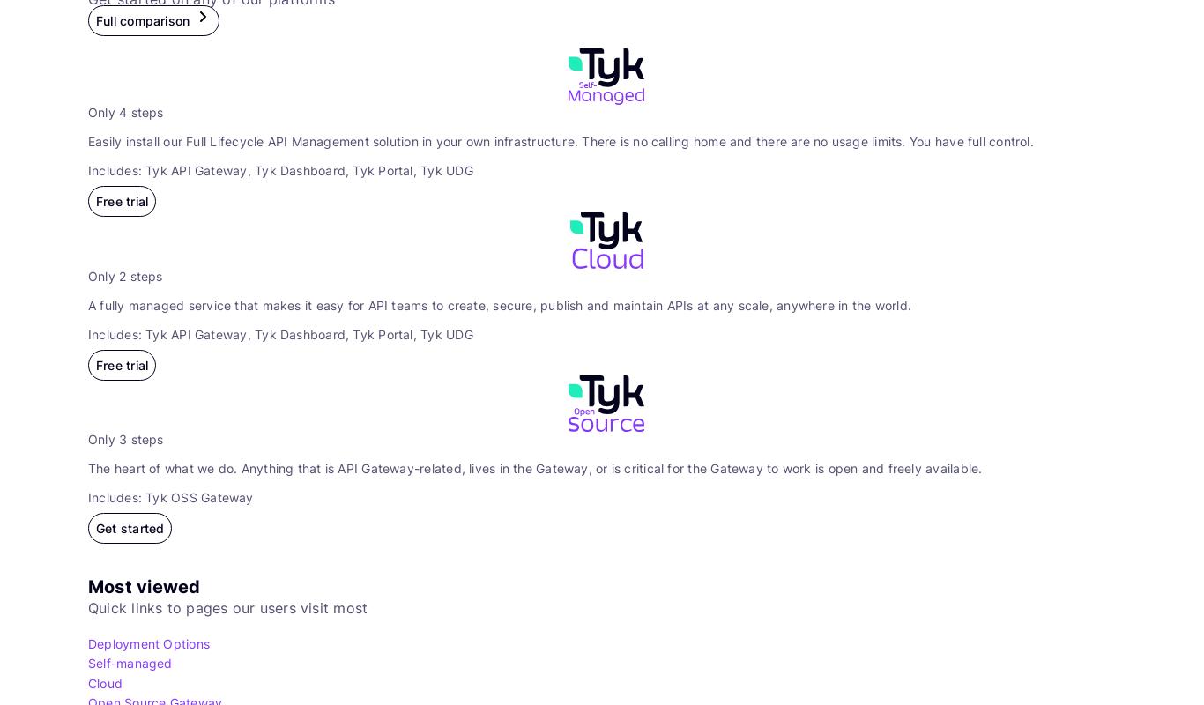 The height and width of the screenshot is (705, 1204). I want to click on 'Only 4 steps', so click(124, 111).